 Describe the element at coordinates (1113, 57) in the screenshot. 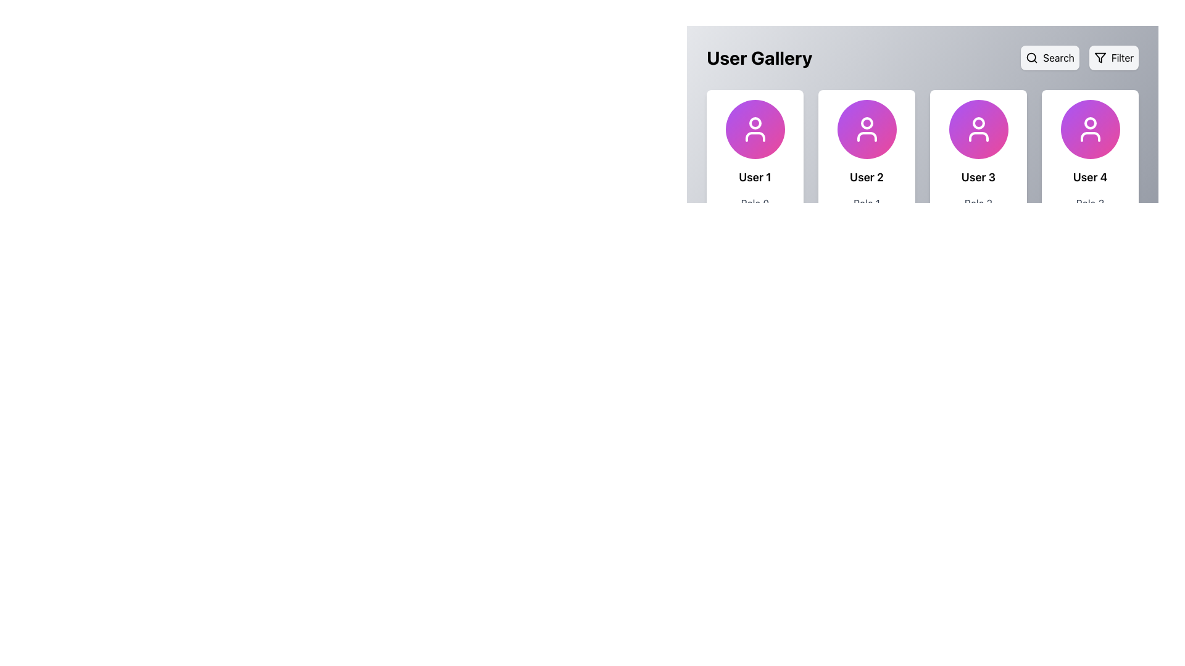

I see `the filtering button located at the top-right corner of the interface, adjacent to the 'Search' button` at that location.